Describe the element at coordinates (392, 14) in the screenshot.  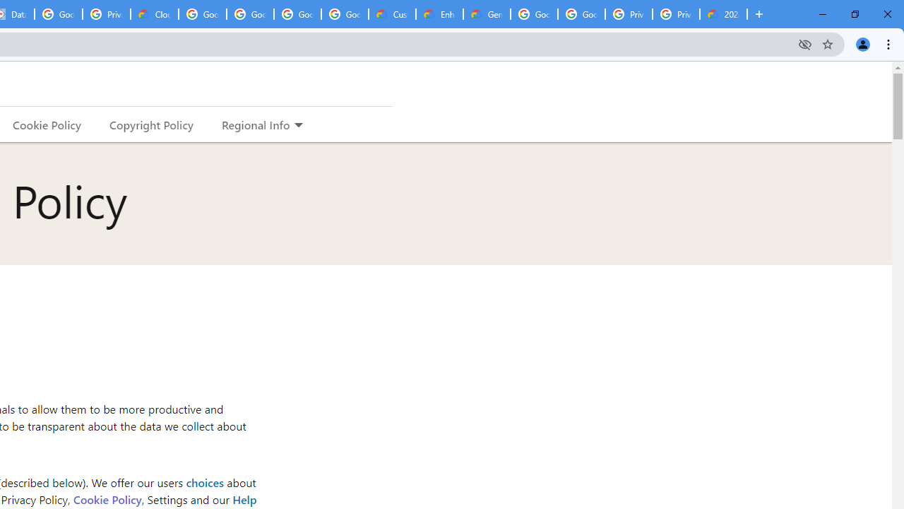
I see `'Customer Care | Google Cloud'` at that location.